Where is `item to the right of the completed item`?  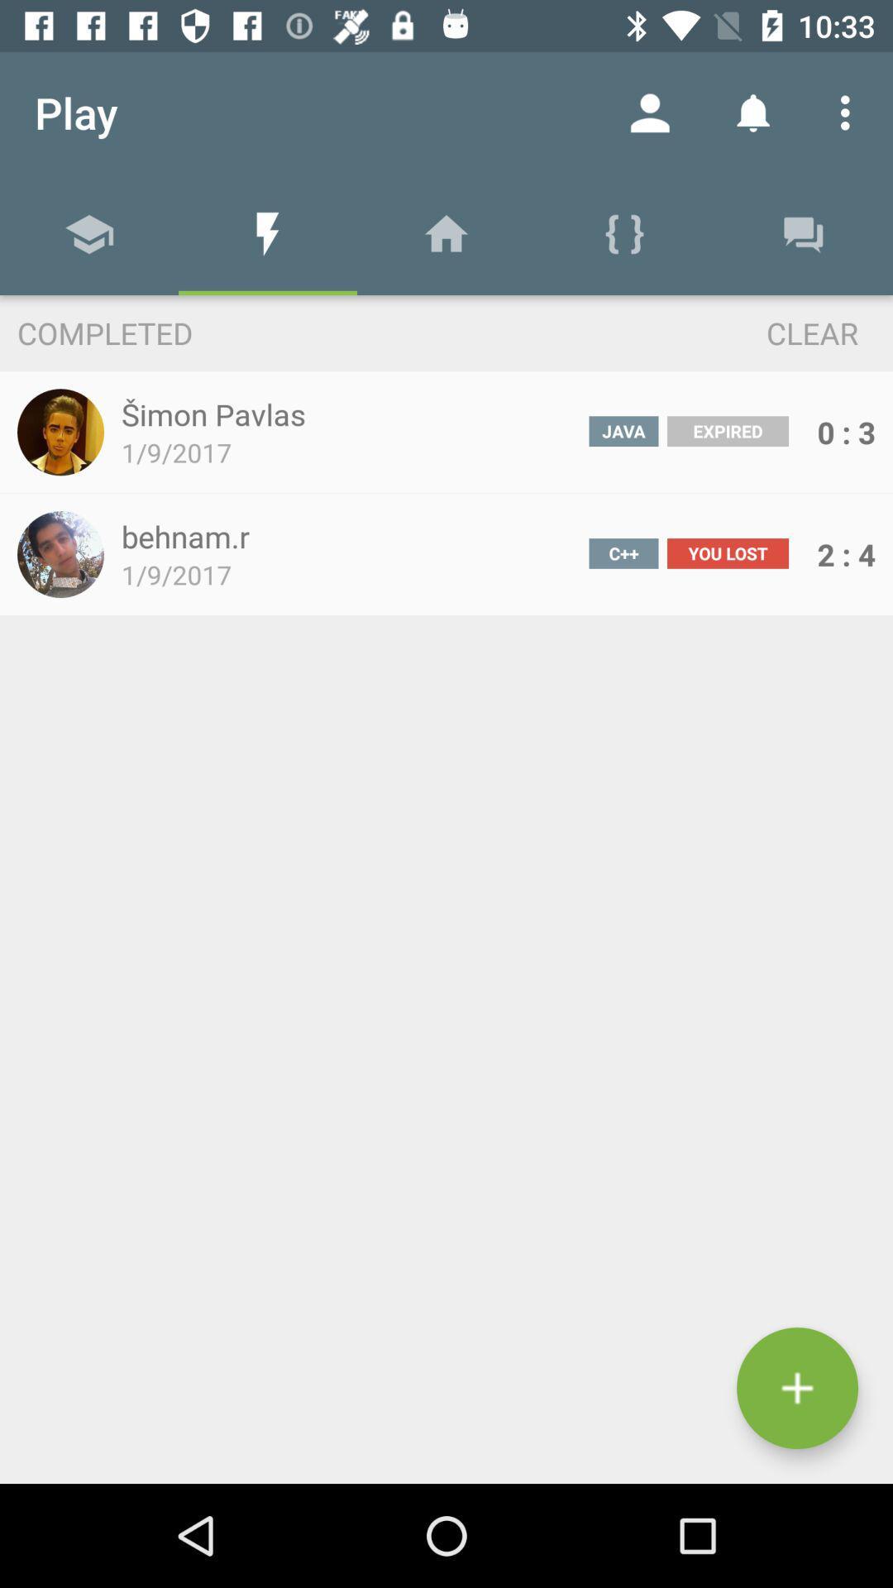 item to the right of the completed item is located at coordinates (781, 332).